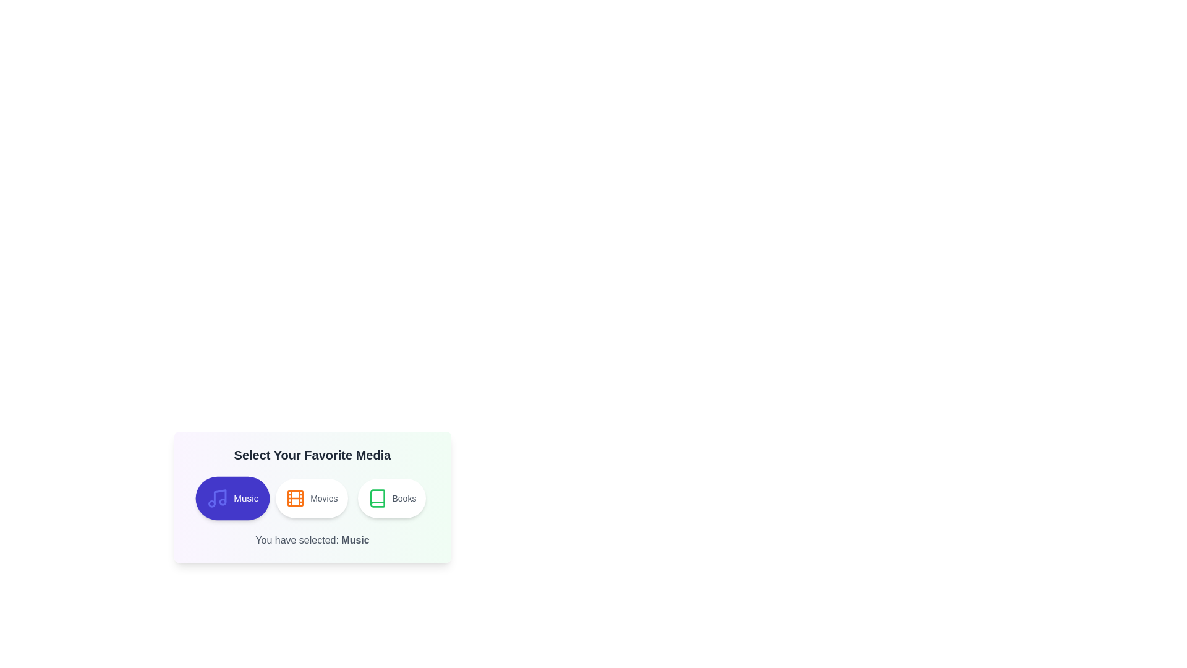 The height and width of the screenshot is (668, 1187). What do you see at coordinates (232, 498) in the screenshot?
I see `the media button labeled Music to observe its hover effect` at bounding box center [232, 498].